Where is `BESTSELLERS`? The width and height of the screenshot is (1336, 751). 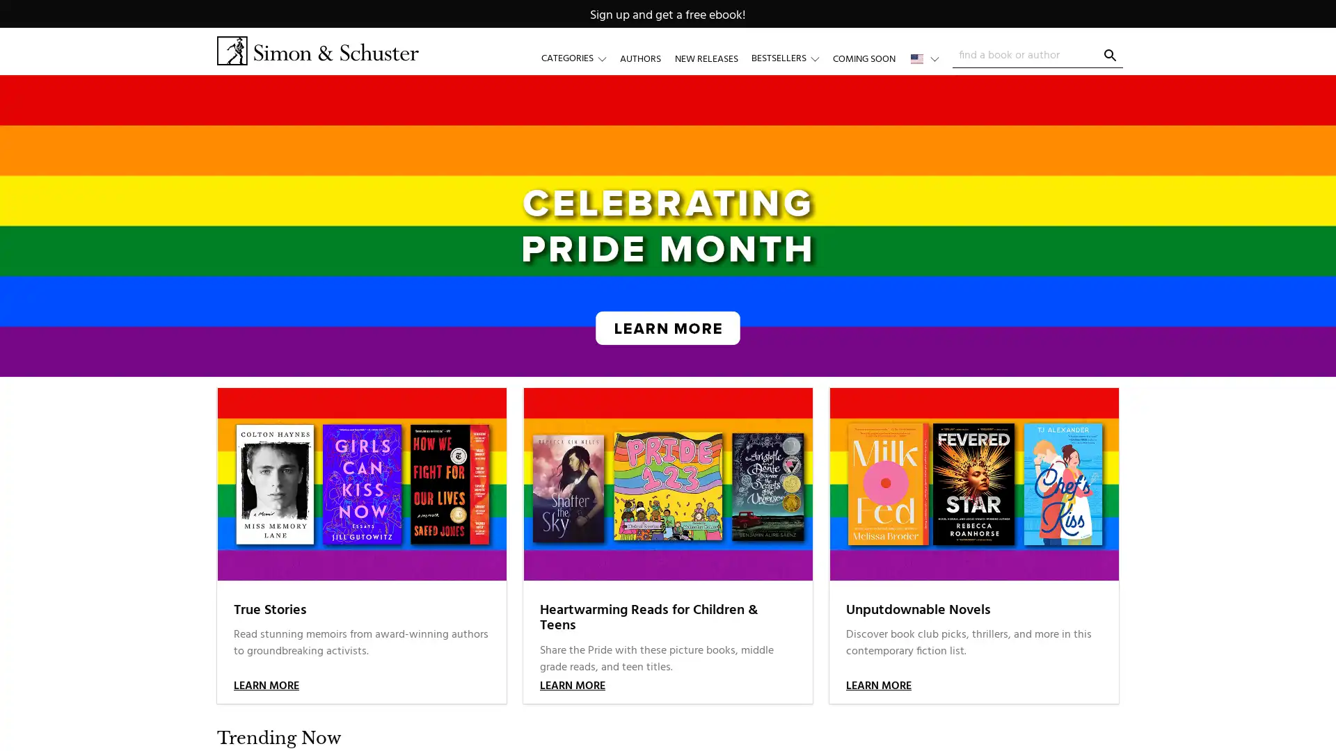 BESTSELLERS is located at coordinates (791, 58).